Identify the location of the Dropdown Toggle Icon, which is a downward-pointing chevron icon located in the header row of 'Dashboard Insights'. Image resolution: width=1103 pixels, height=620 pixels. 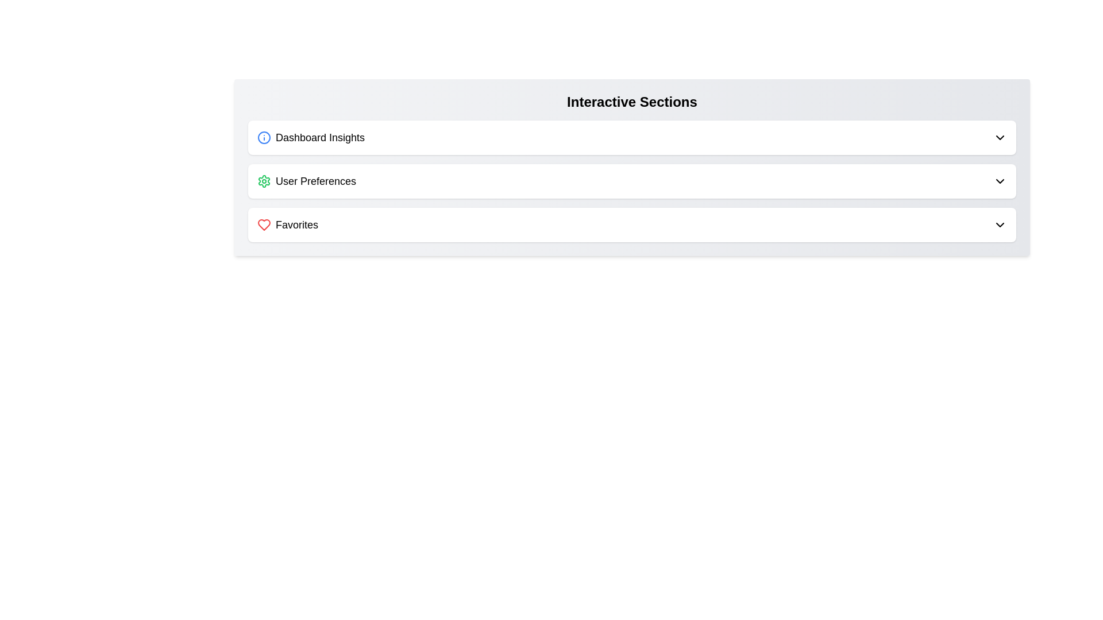
(1000, 137).